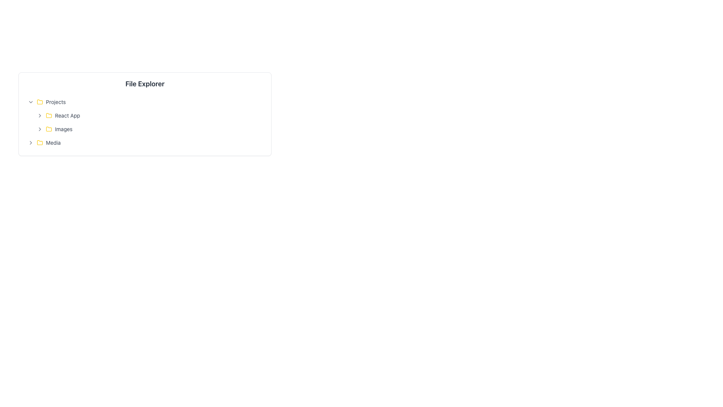 This screenshot has height=407, width=723. I want to click on the visual indicator icon for the 'Images' folder located in the file explorer, so click(48, 129).